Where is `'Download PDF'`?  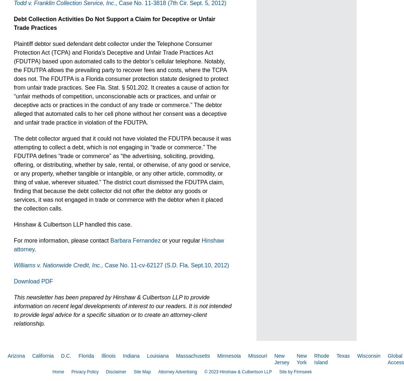 'Download PDF' is located at coordinates (33, 281).